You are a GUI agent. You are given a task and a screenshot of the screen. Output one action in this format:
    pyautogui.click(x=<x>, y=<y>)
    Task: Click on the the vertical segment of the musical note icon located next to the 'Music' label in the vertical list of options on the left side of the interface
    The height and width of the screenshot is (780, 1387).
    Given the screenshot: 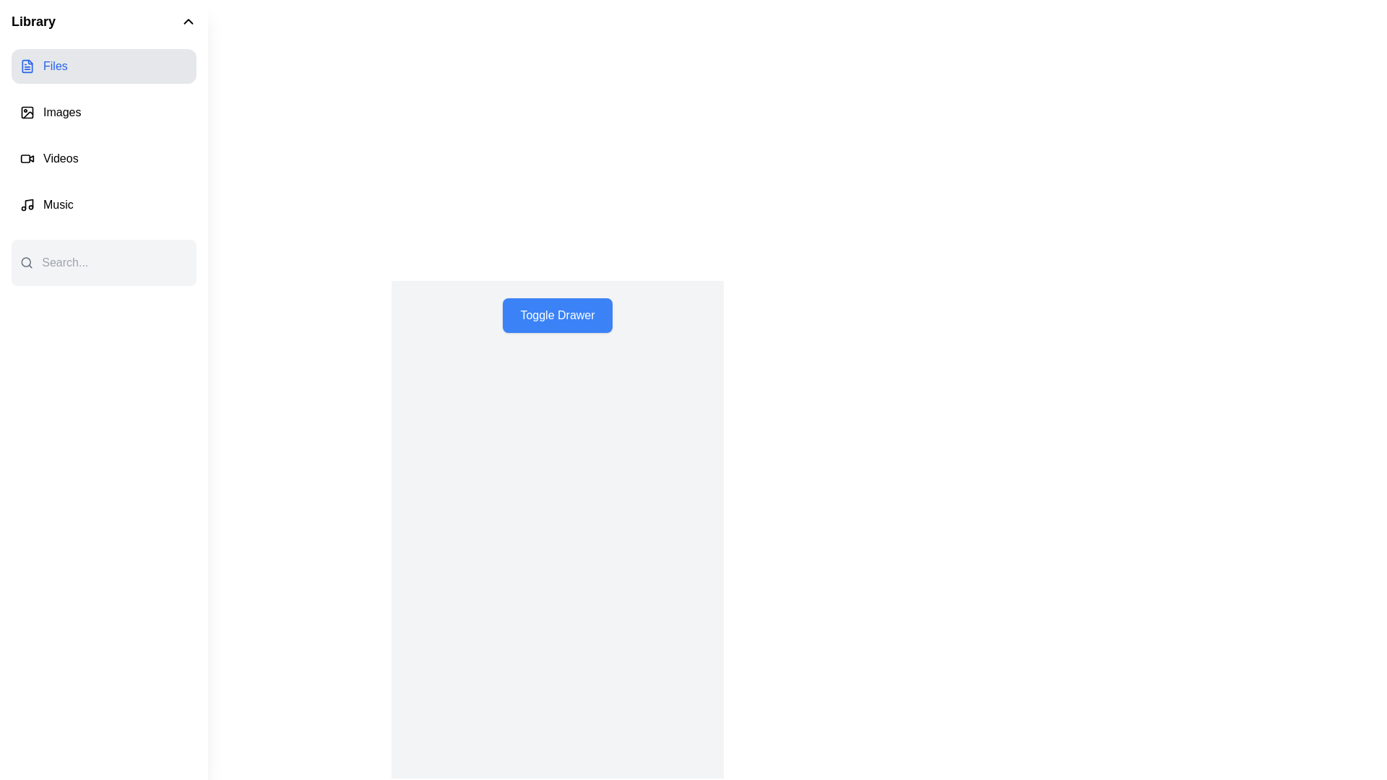 What is the action you would take?
    pyautogui.click(x=29, y=204)
    